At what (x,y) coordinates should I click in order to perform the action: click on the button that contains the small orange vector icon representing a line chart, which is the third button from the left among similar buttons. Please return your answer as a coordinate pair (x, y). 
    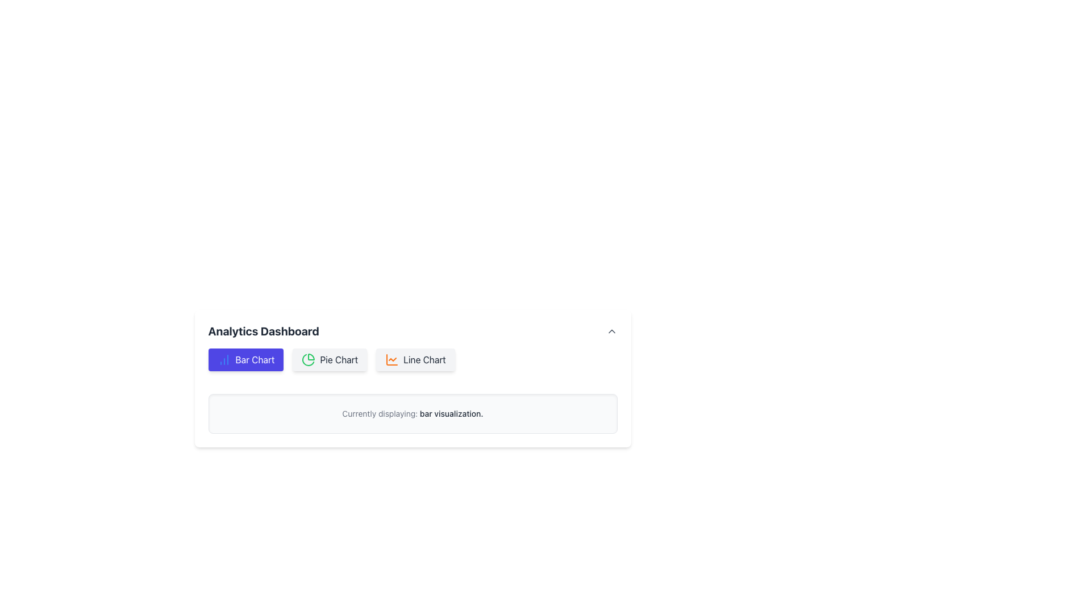
    Looking at the image, I should click on (392, 359).